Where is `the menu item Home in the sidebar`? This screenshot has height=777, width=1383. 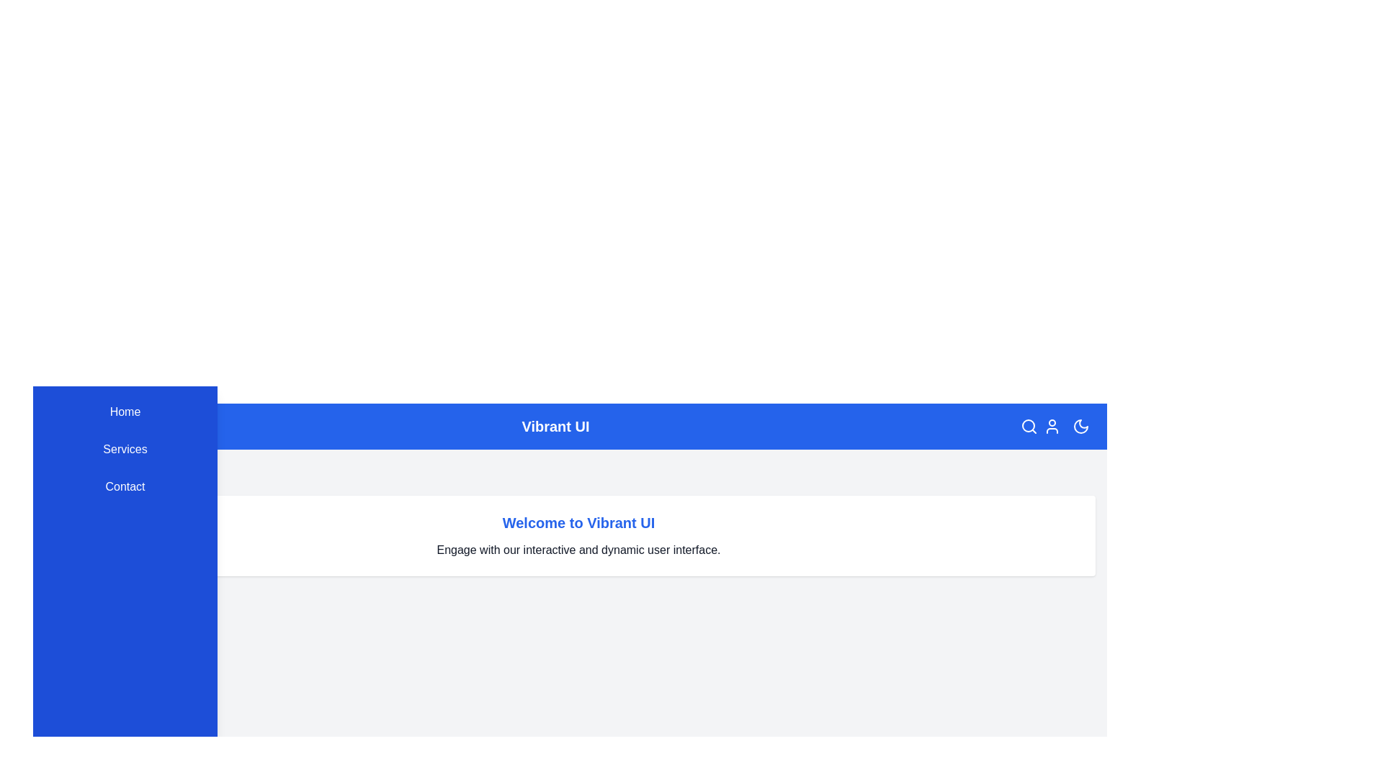 the menu item Home in the sidebar is located at coordinates (125, 412).